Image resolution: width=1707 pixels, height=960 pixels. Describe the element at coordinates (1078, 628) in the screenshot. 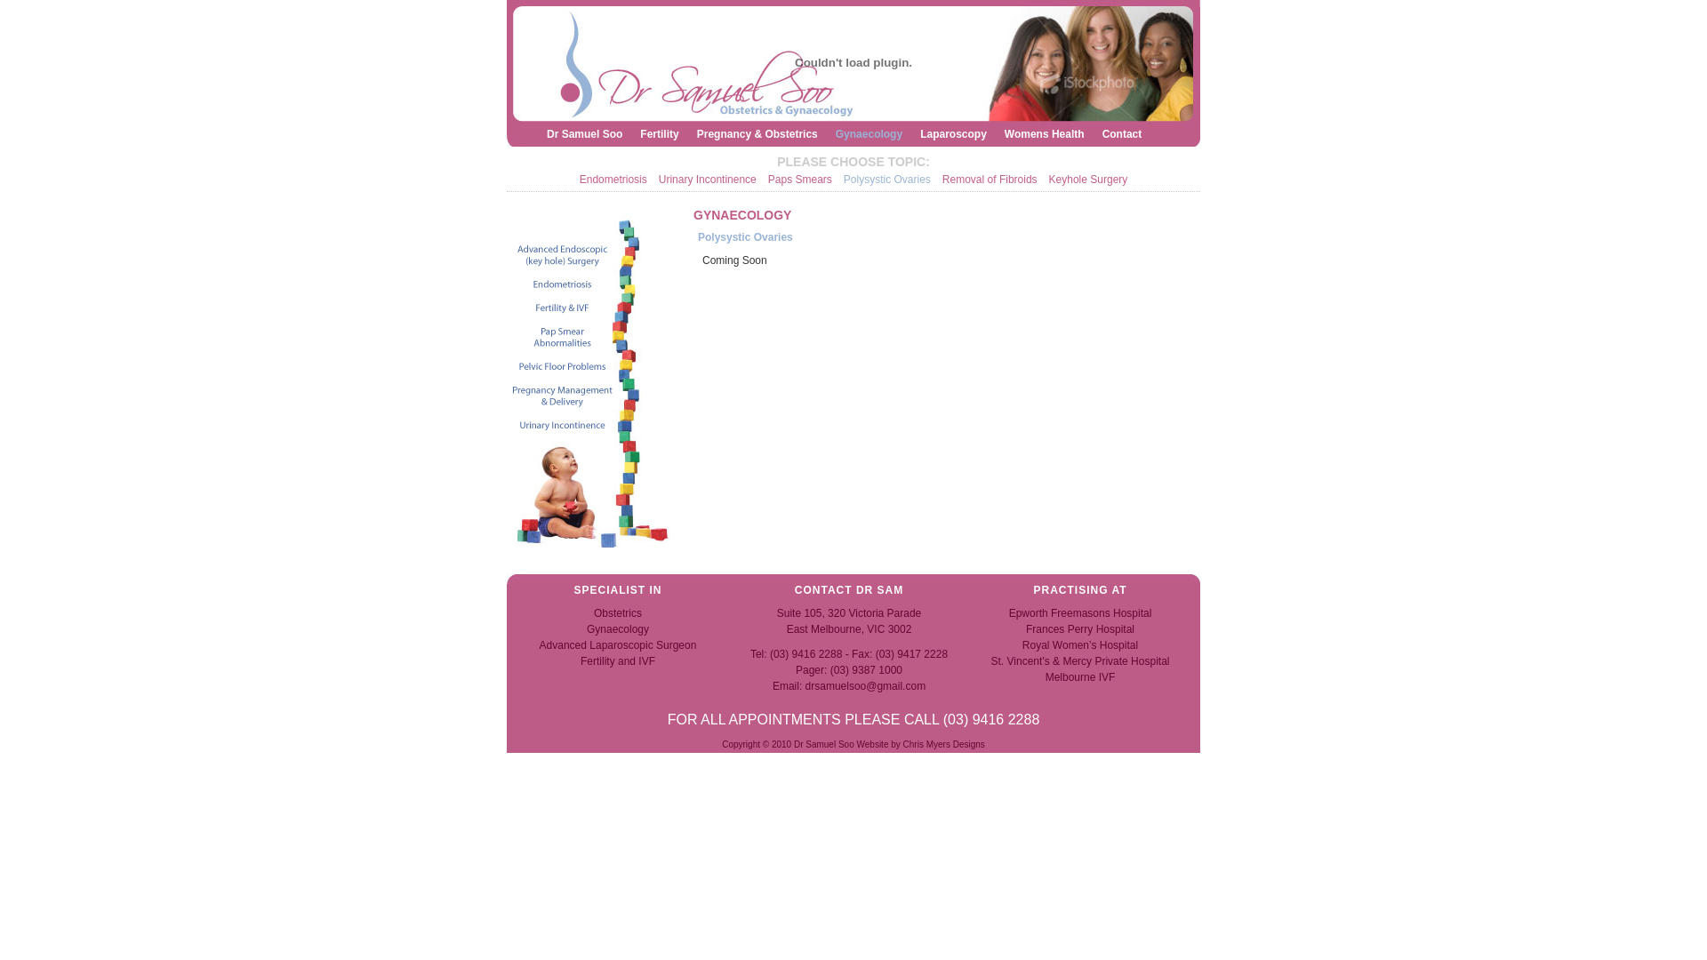

I see `'Frances Perry Hospital'` at that location.